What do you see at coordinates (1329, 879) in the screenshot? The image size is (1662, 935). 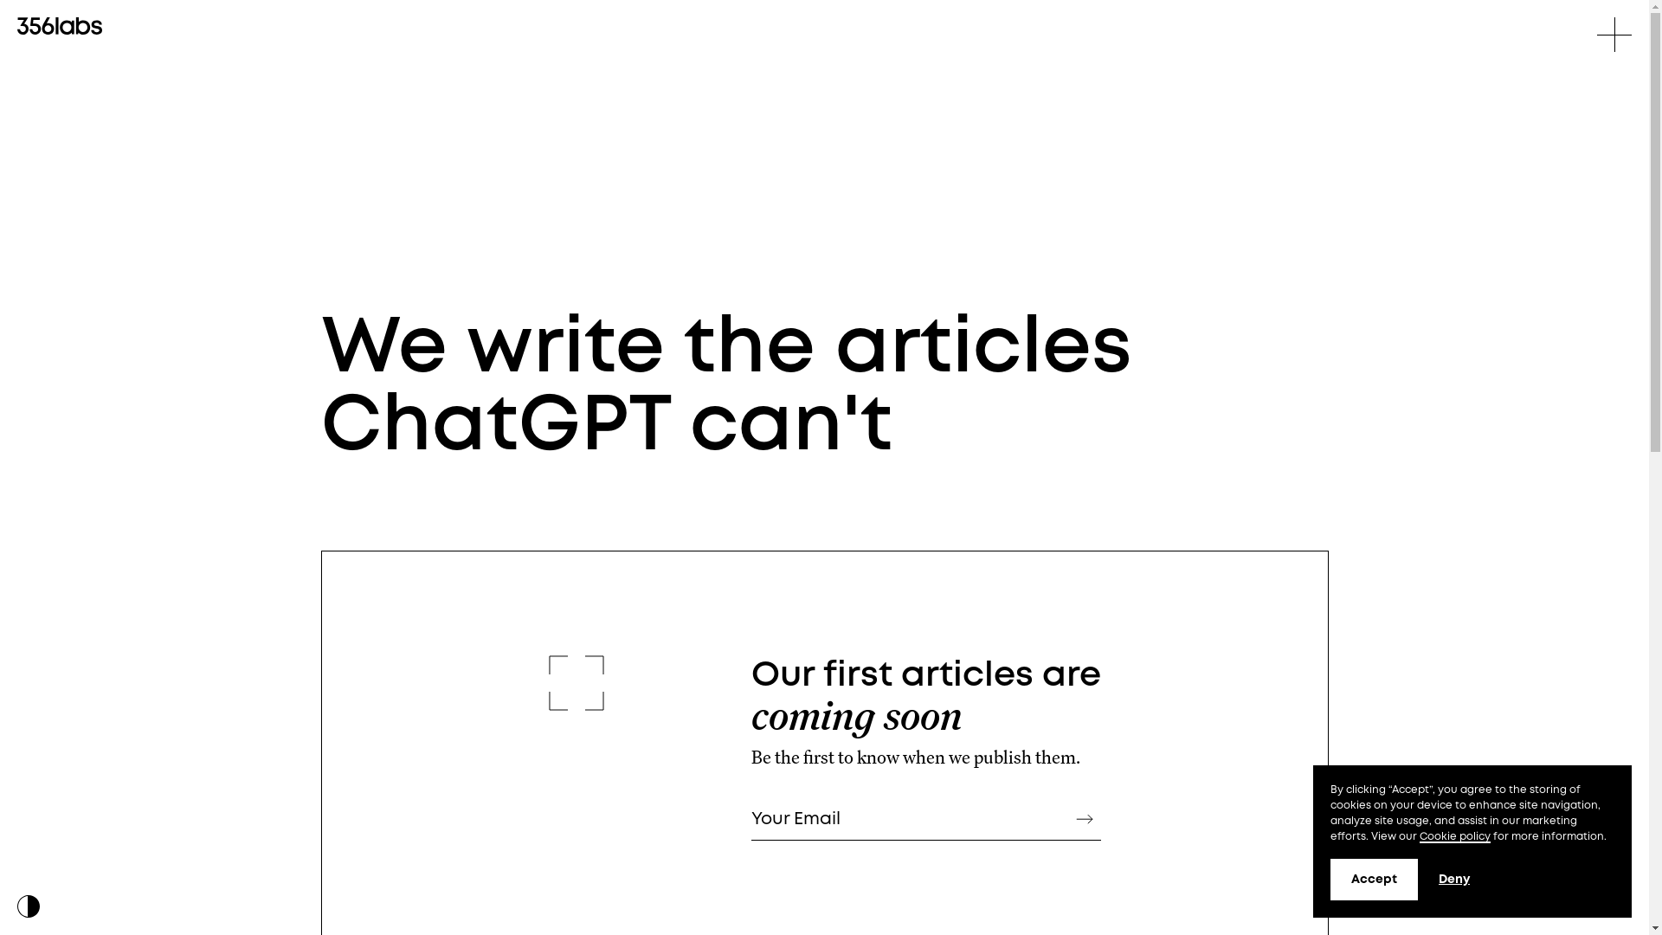 I see `'Accept'` at bounding box center [1329, 879].